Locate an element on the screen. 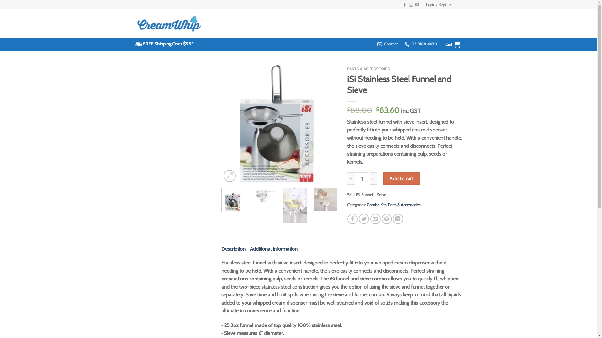 Image resolution: width=602 pixels, height=338 pixels. 'Parts & Accessories' is located at coordinates (404, 205).